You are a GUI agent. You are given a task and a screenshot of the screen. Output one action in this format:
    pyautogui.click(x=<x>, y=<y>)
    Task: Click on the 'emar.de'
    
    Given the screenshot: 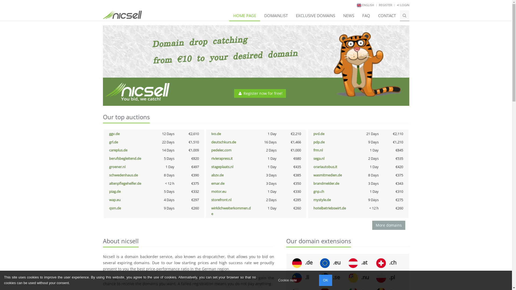 What is the action you would take?
    pyautogui.click(x=211, y=183)
    